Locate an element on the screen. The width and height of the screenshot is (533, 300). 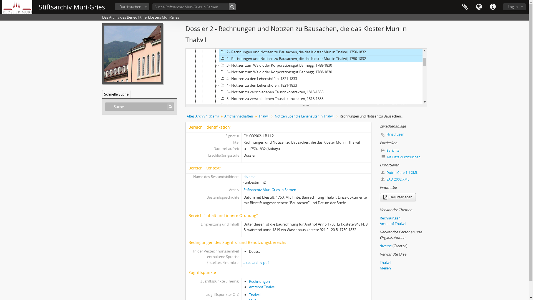
'Herunterladen' is located at coordinates (398, 197).